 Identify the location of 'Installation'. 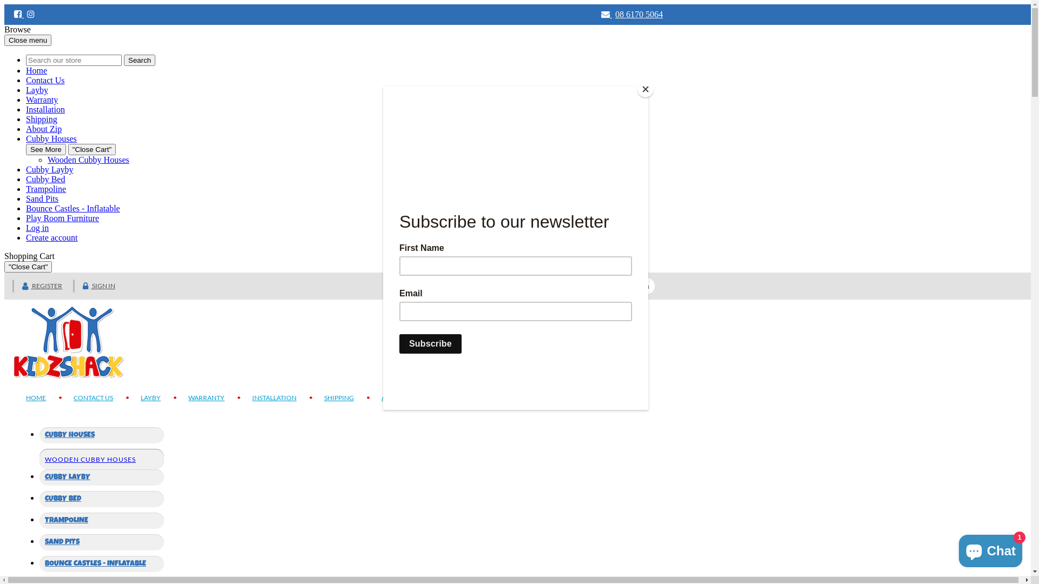
(44, 109).